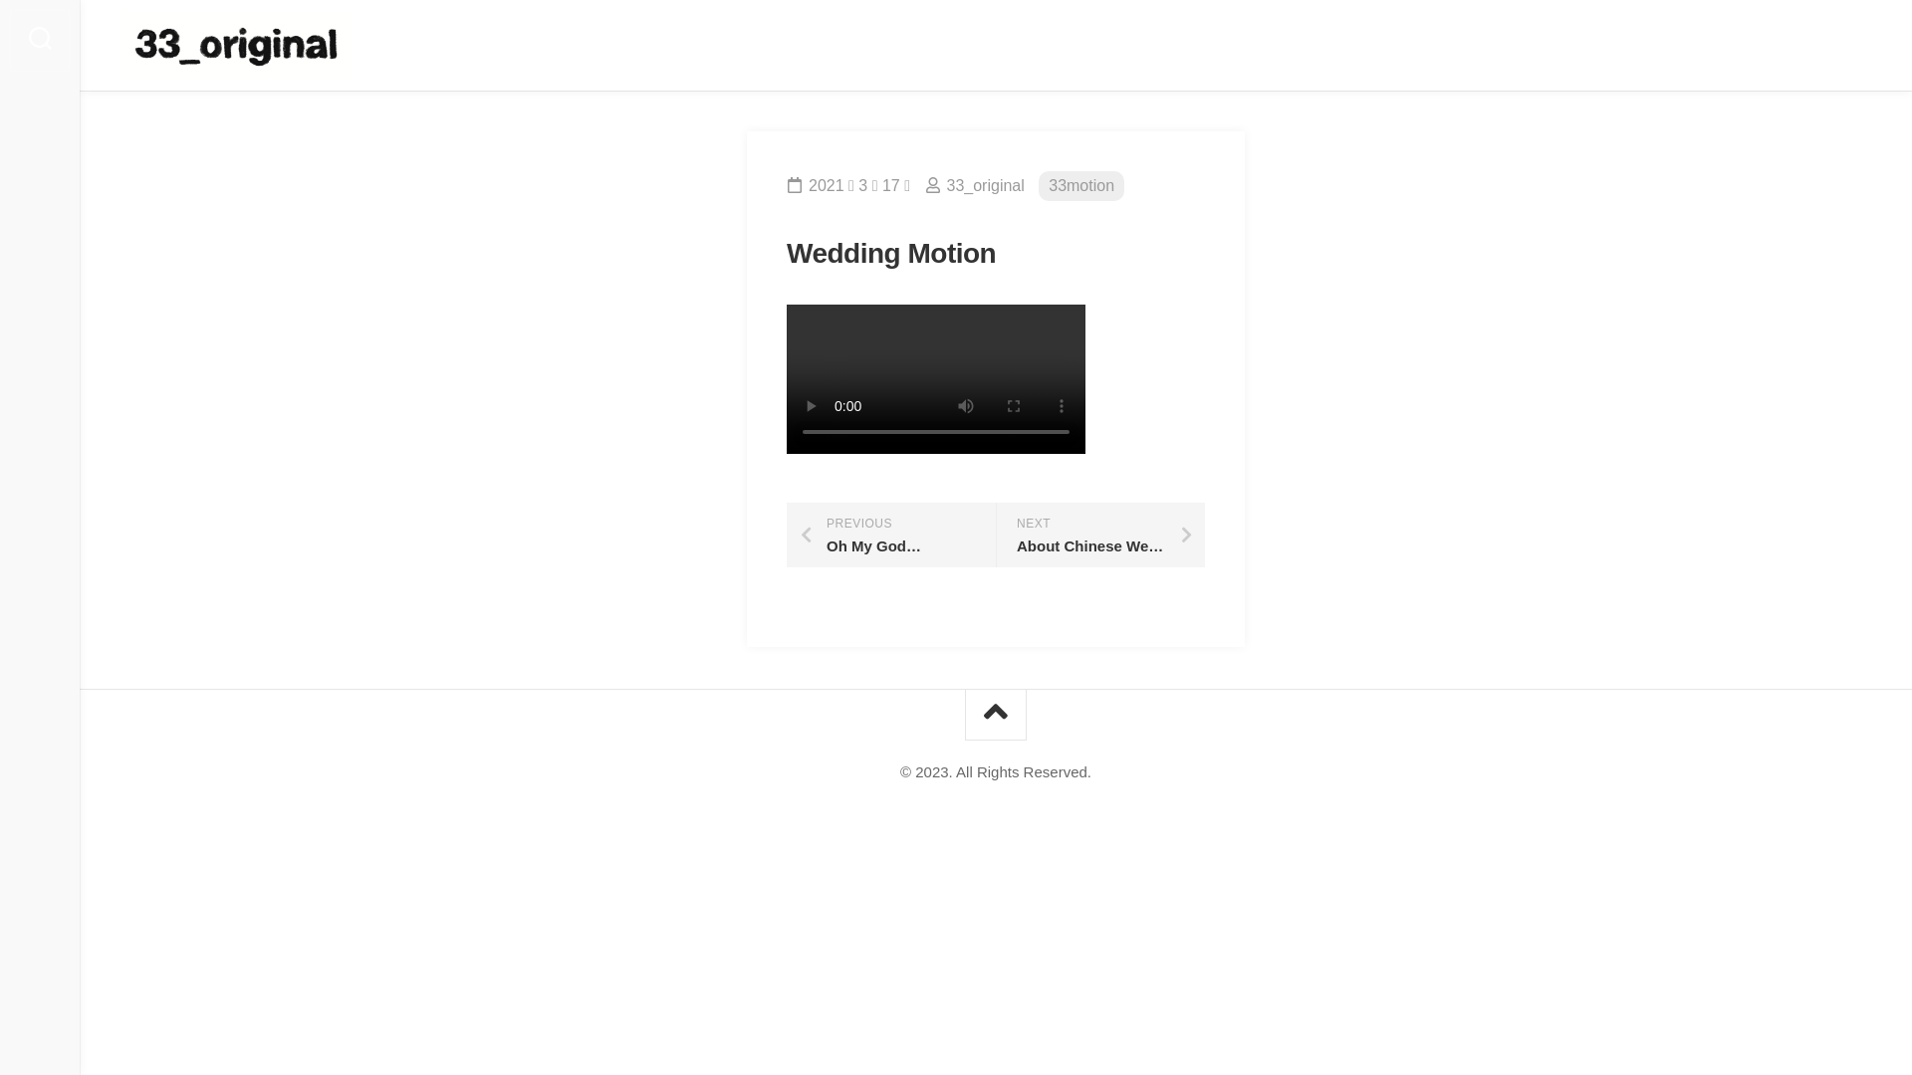 Image resolution: width=1912 pixels, height=1075 pixels. I want to click on '33motion', so click(1079, 186).